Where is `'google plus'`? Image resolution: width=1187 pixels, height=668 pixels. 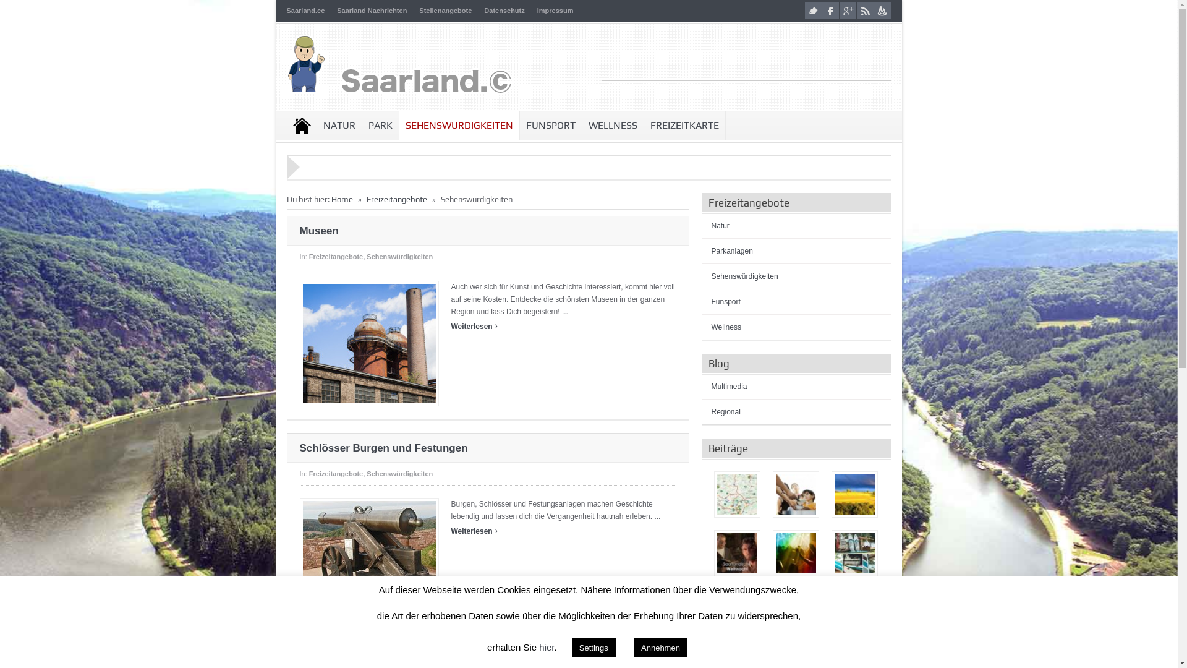 'google plus' is located at coordinates (847, 11).